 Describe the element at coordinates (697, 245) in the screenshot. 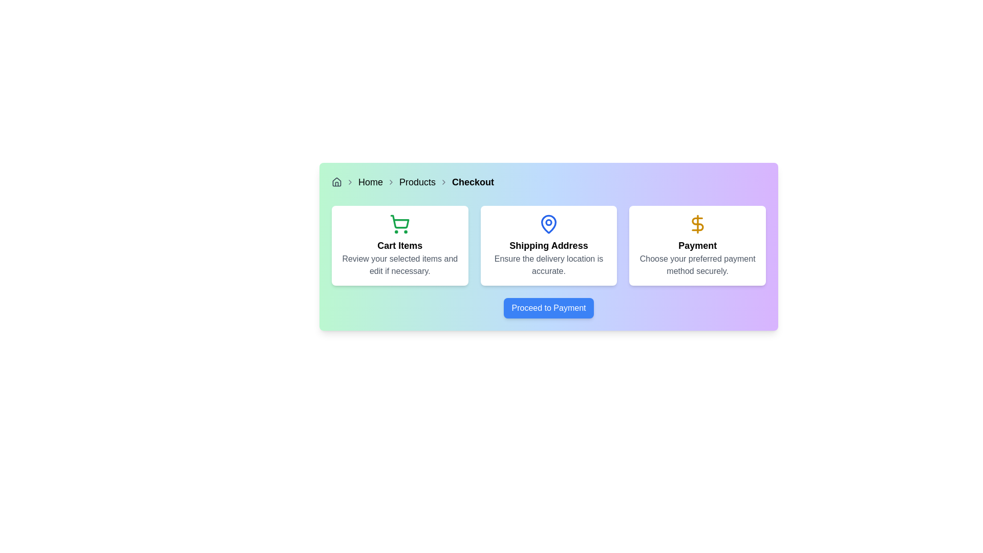

I see `the 'Payment' label which is a bold black text displaying 'Payment', located below the gold dollar icon in the third payment card` at that location.